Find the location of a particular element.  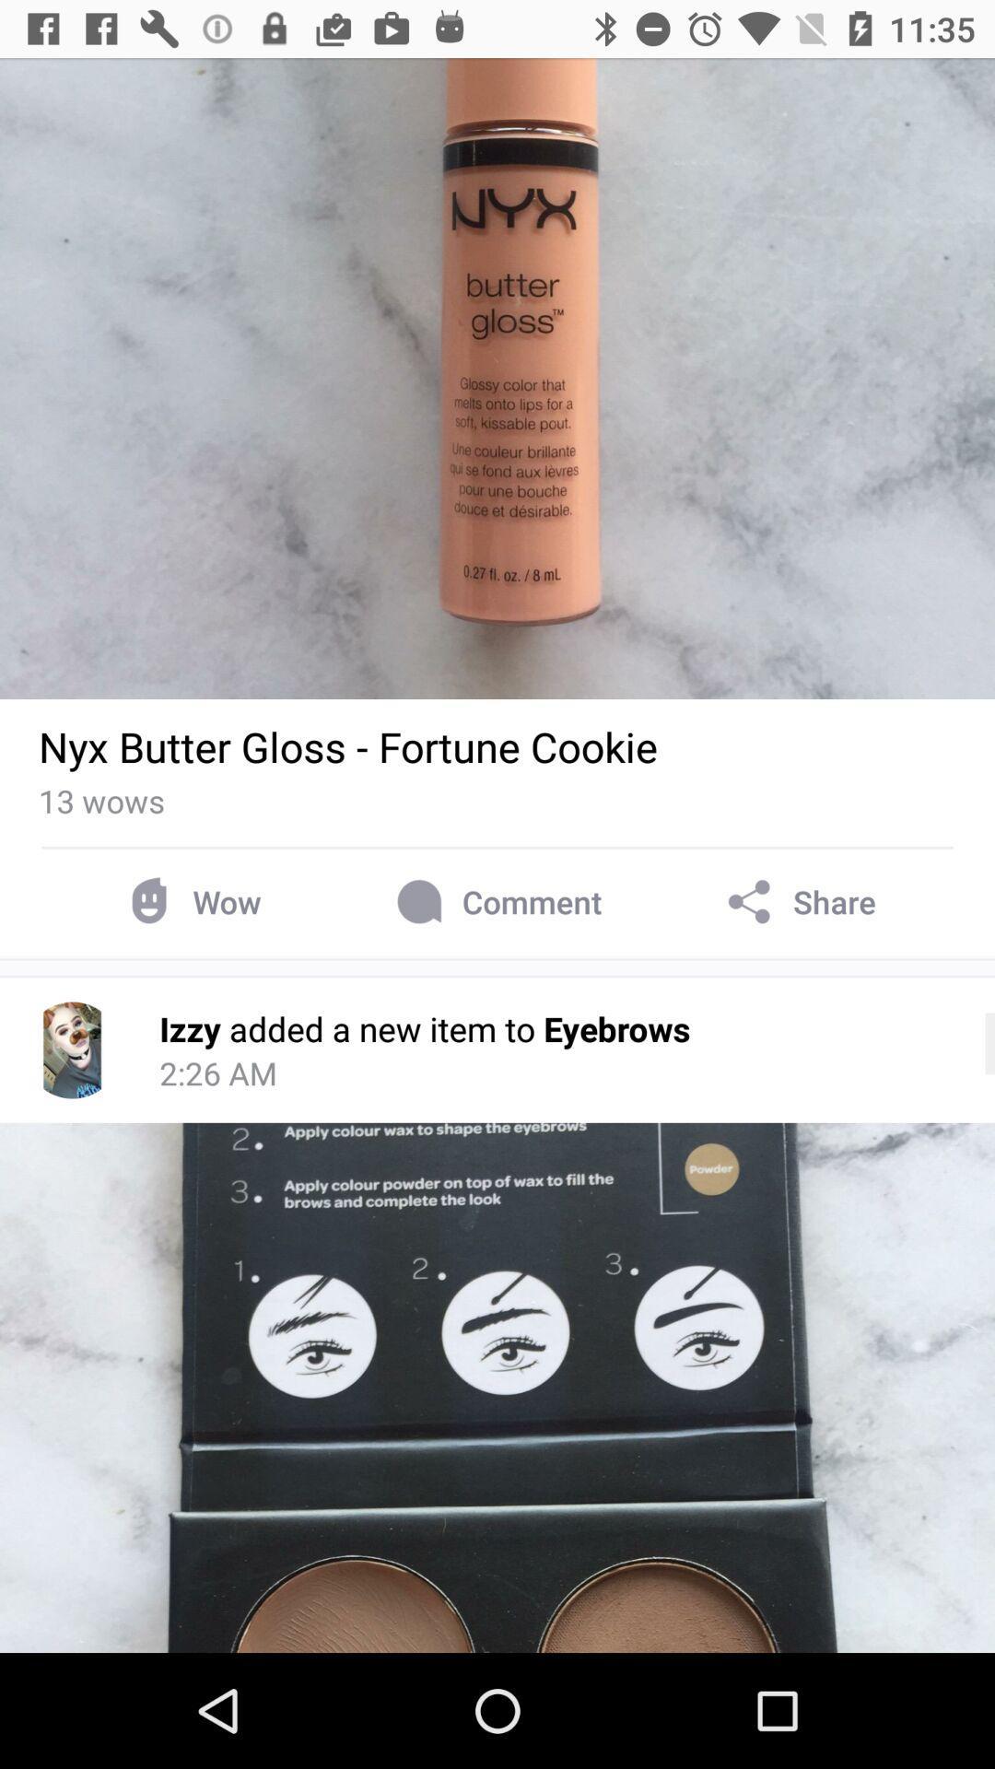

the share button on the web page is located at coordinates (798, 902).